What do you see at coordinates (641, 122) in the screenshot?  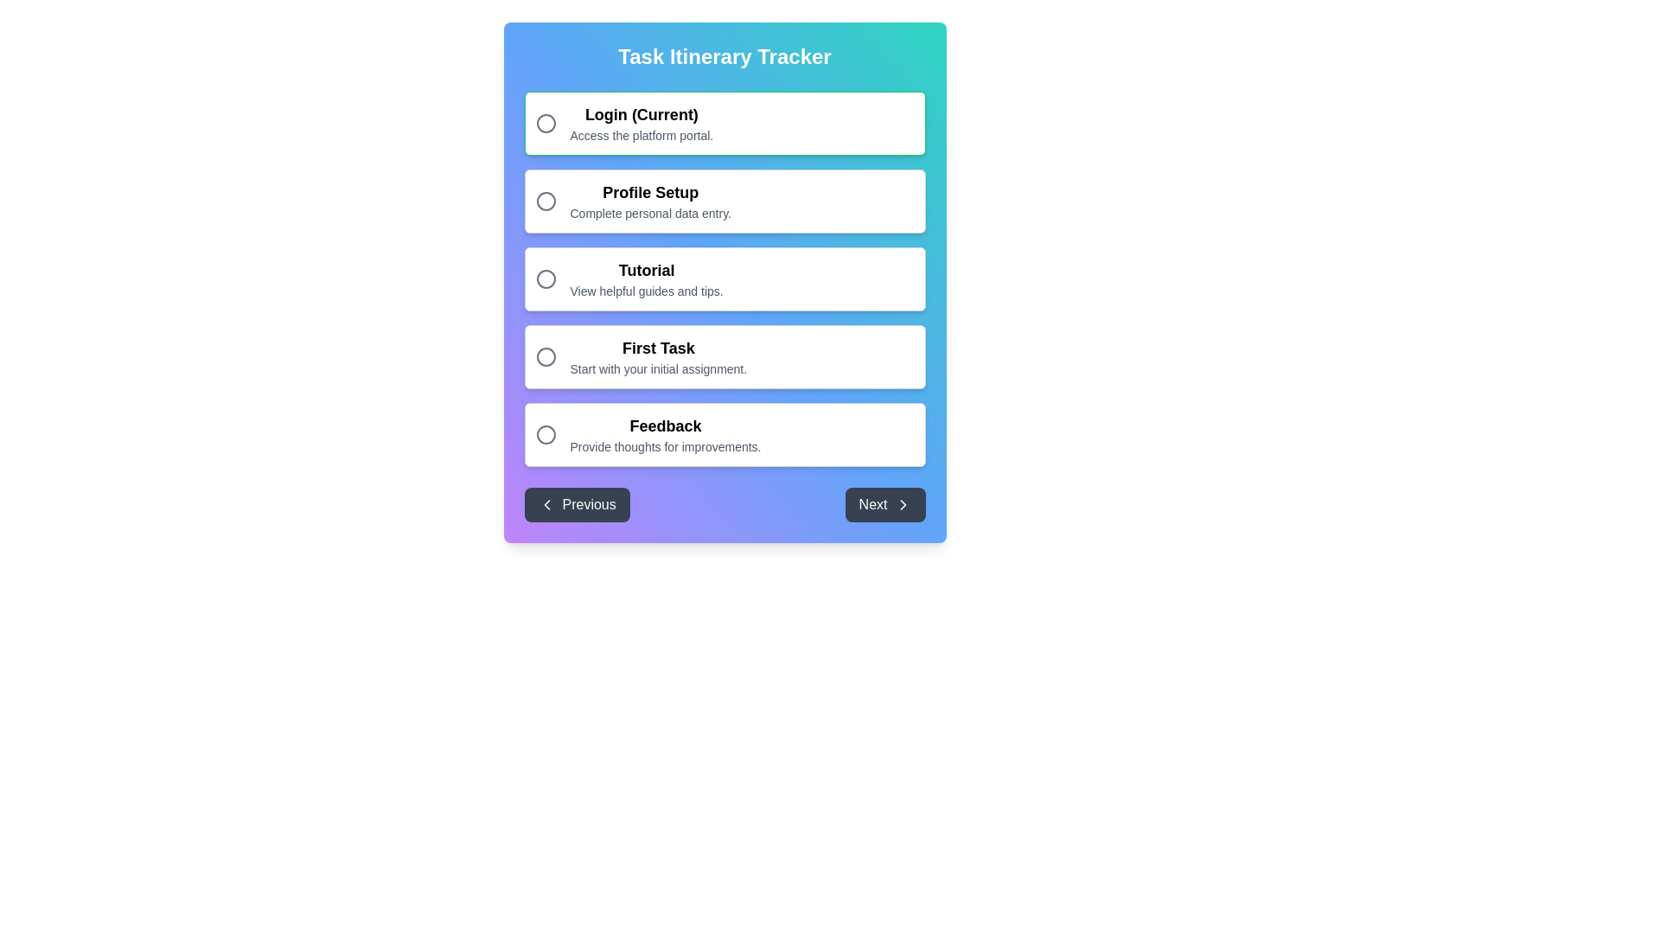 I see `the informational text block that identifies the current step or state of the user, located at the top of the vertically stacked list, above 'Profile Setup'` at bounding box center [641, 122].